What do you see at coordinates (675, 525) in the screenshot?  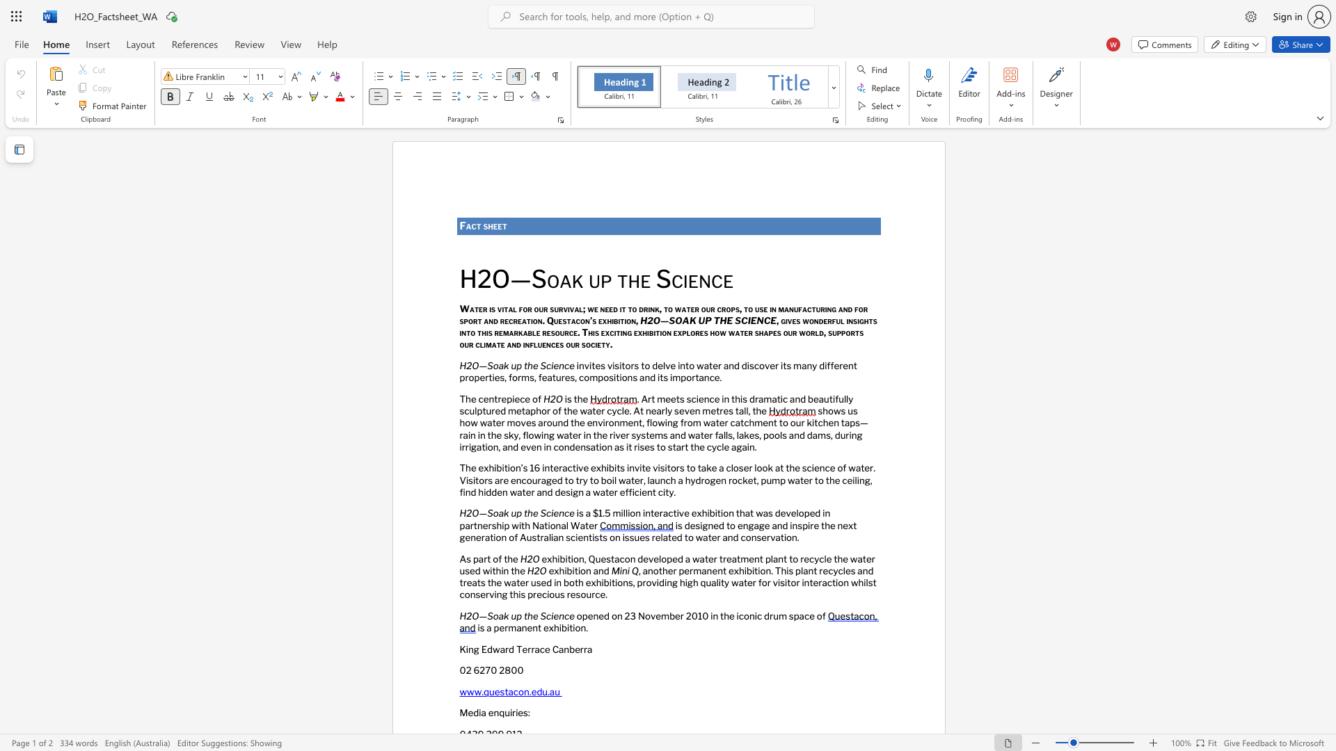 I see `the subset text "is designed to engage and inspire the next generation of Australian scientists on issues re" within the text "is designed to engage and inspire the next generation of Australian scientists on issues related to water and conservation."` at bounding box center [675, 525].